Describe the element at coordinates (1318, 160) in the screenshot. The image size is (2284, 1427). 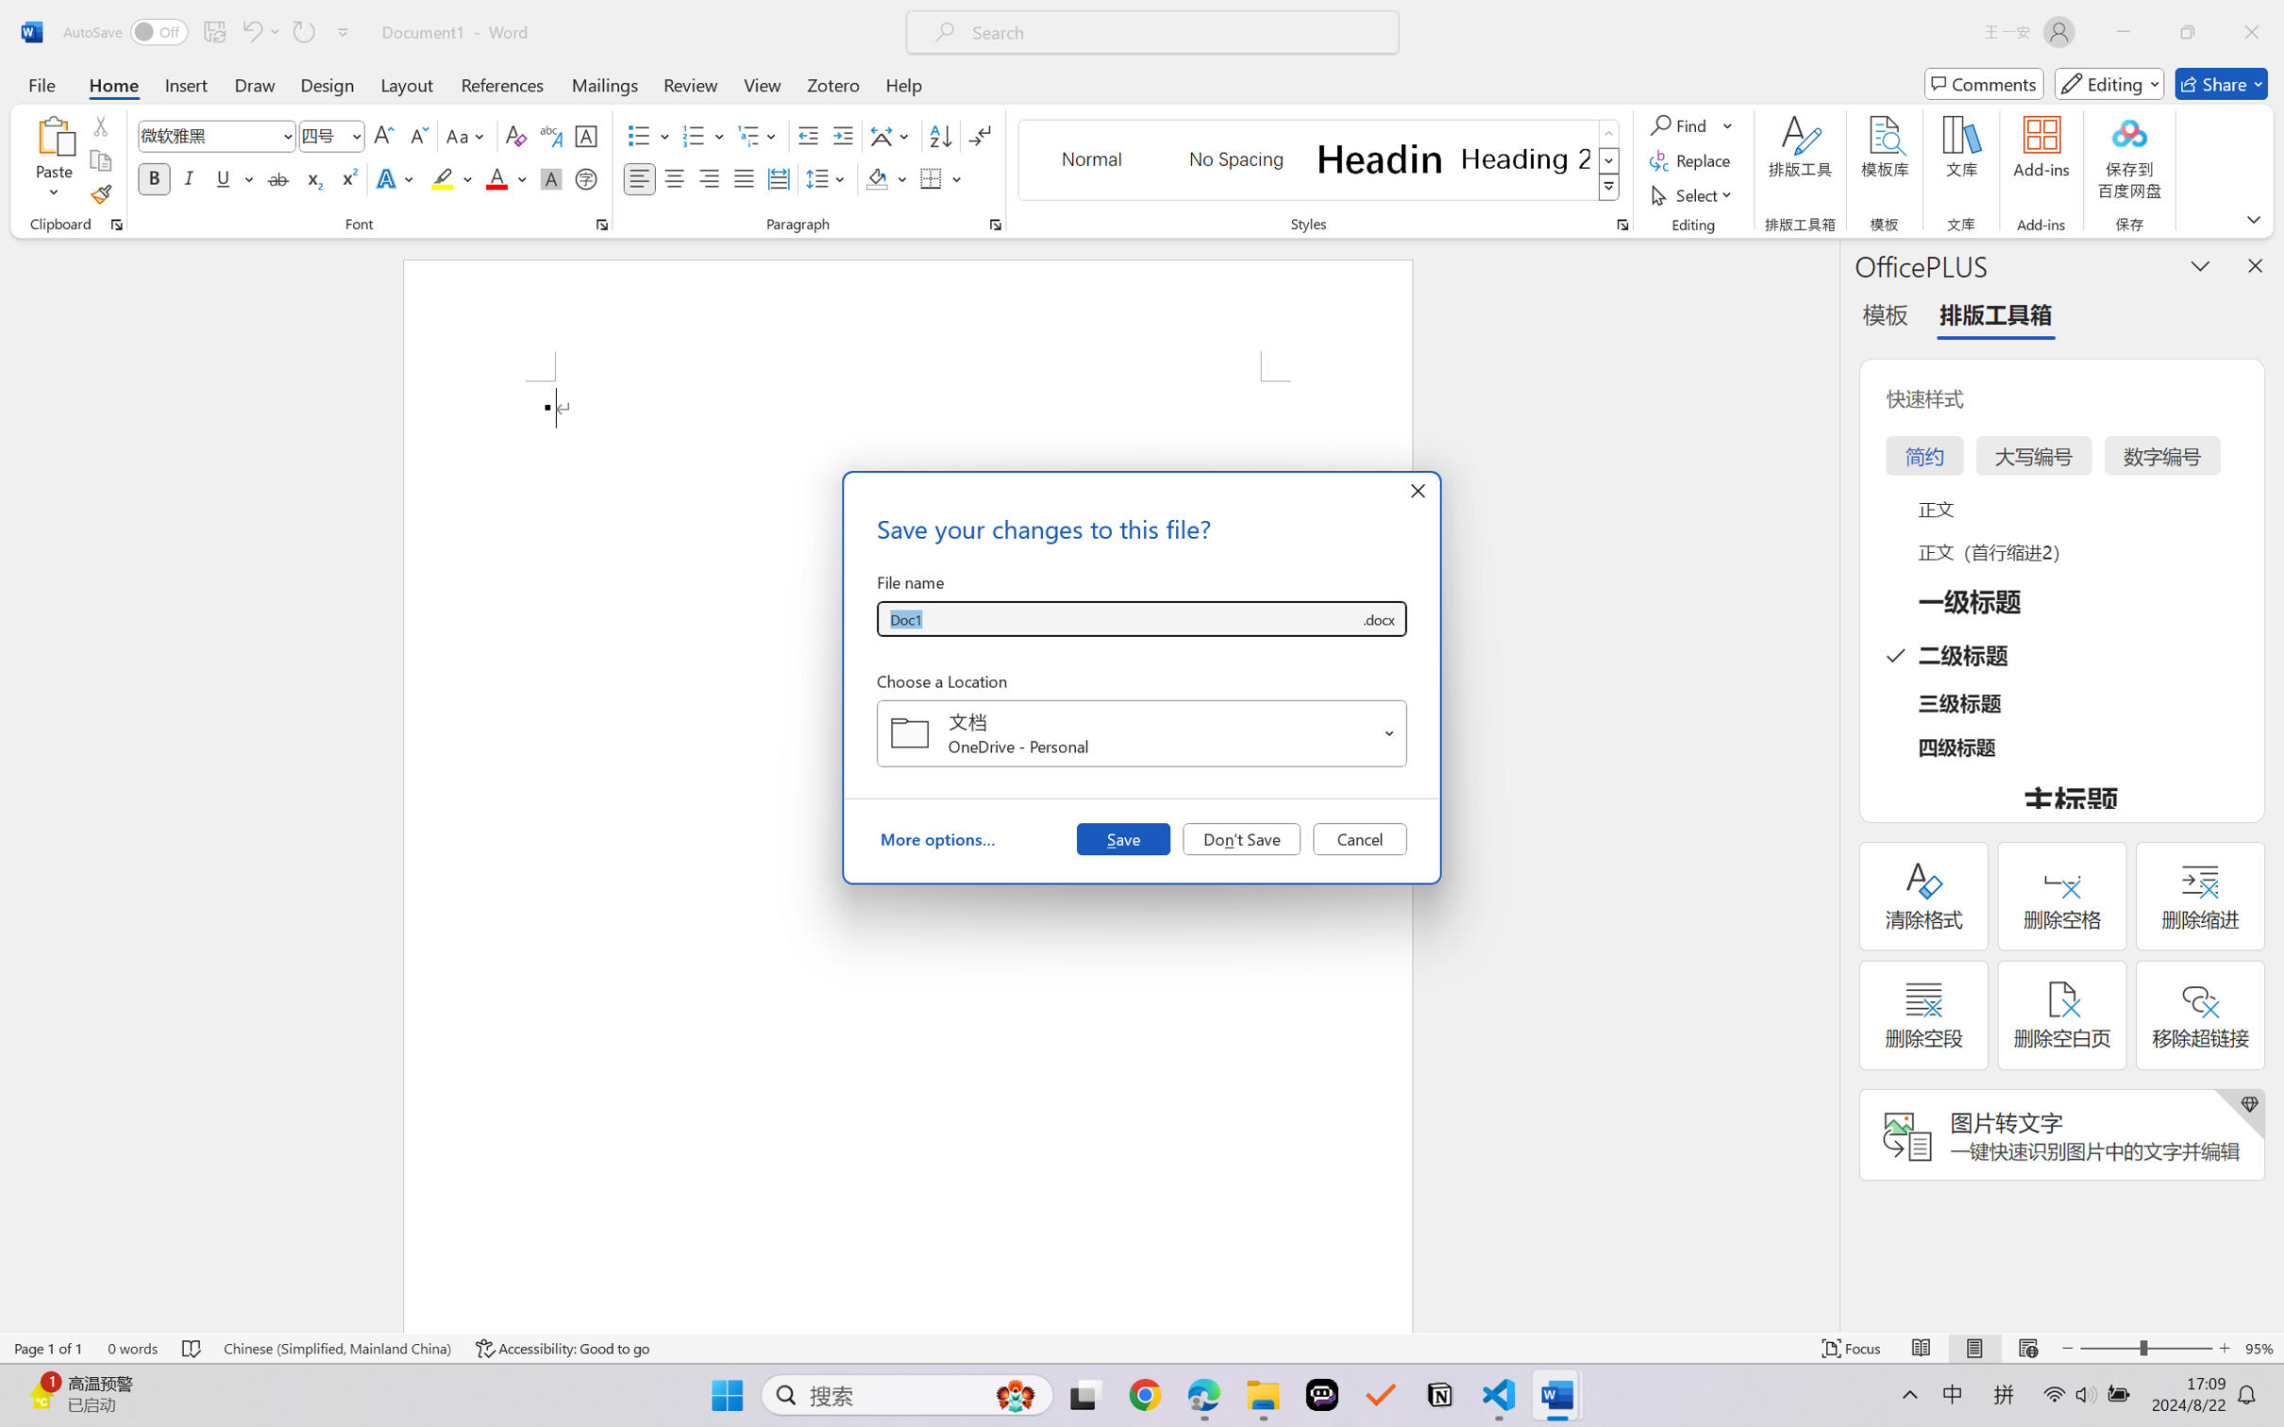
I see `'AutomationID: QuickStylesGallery'` at that location.